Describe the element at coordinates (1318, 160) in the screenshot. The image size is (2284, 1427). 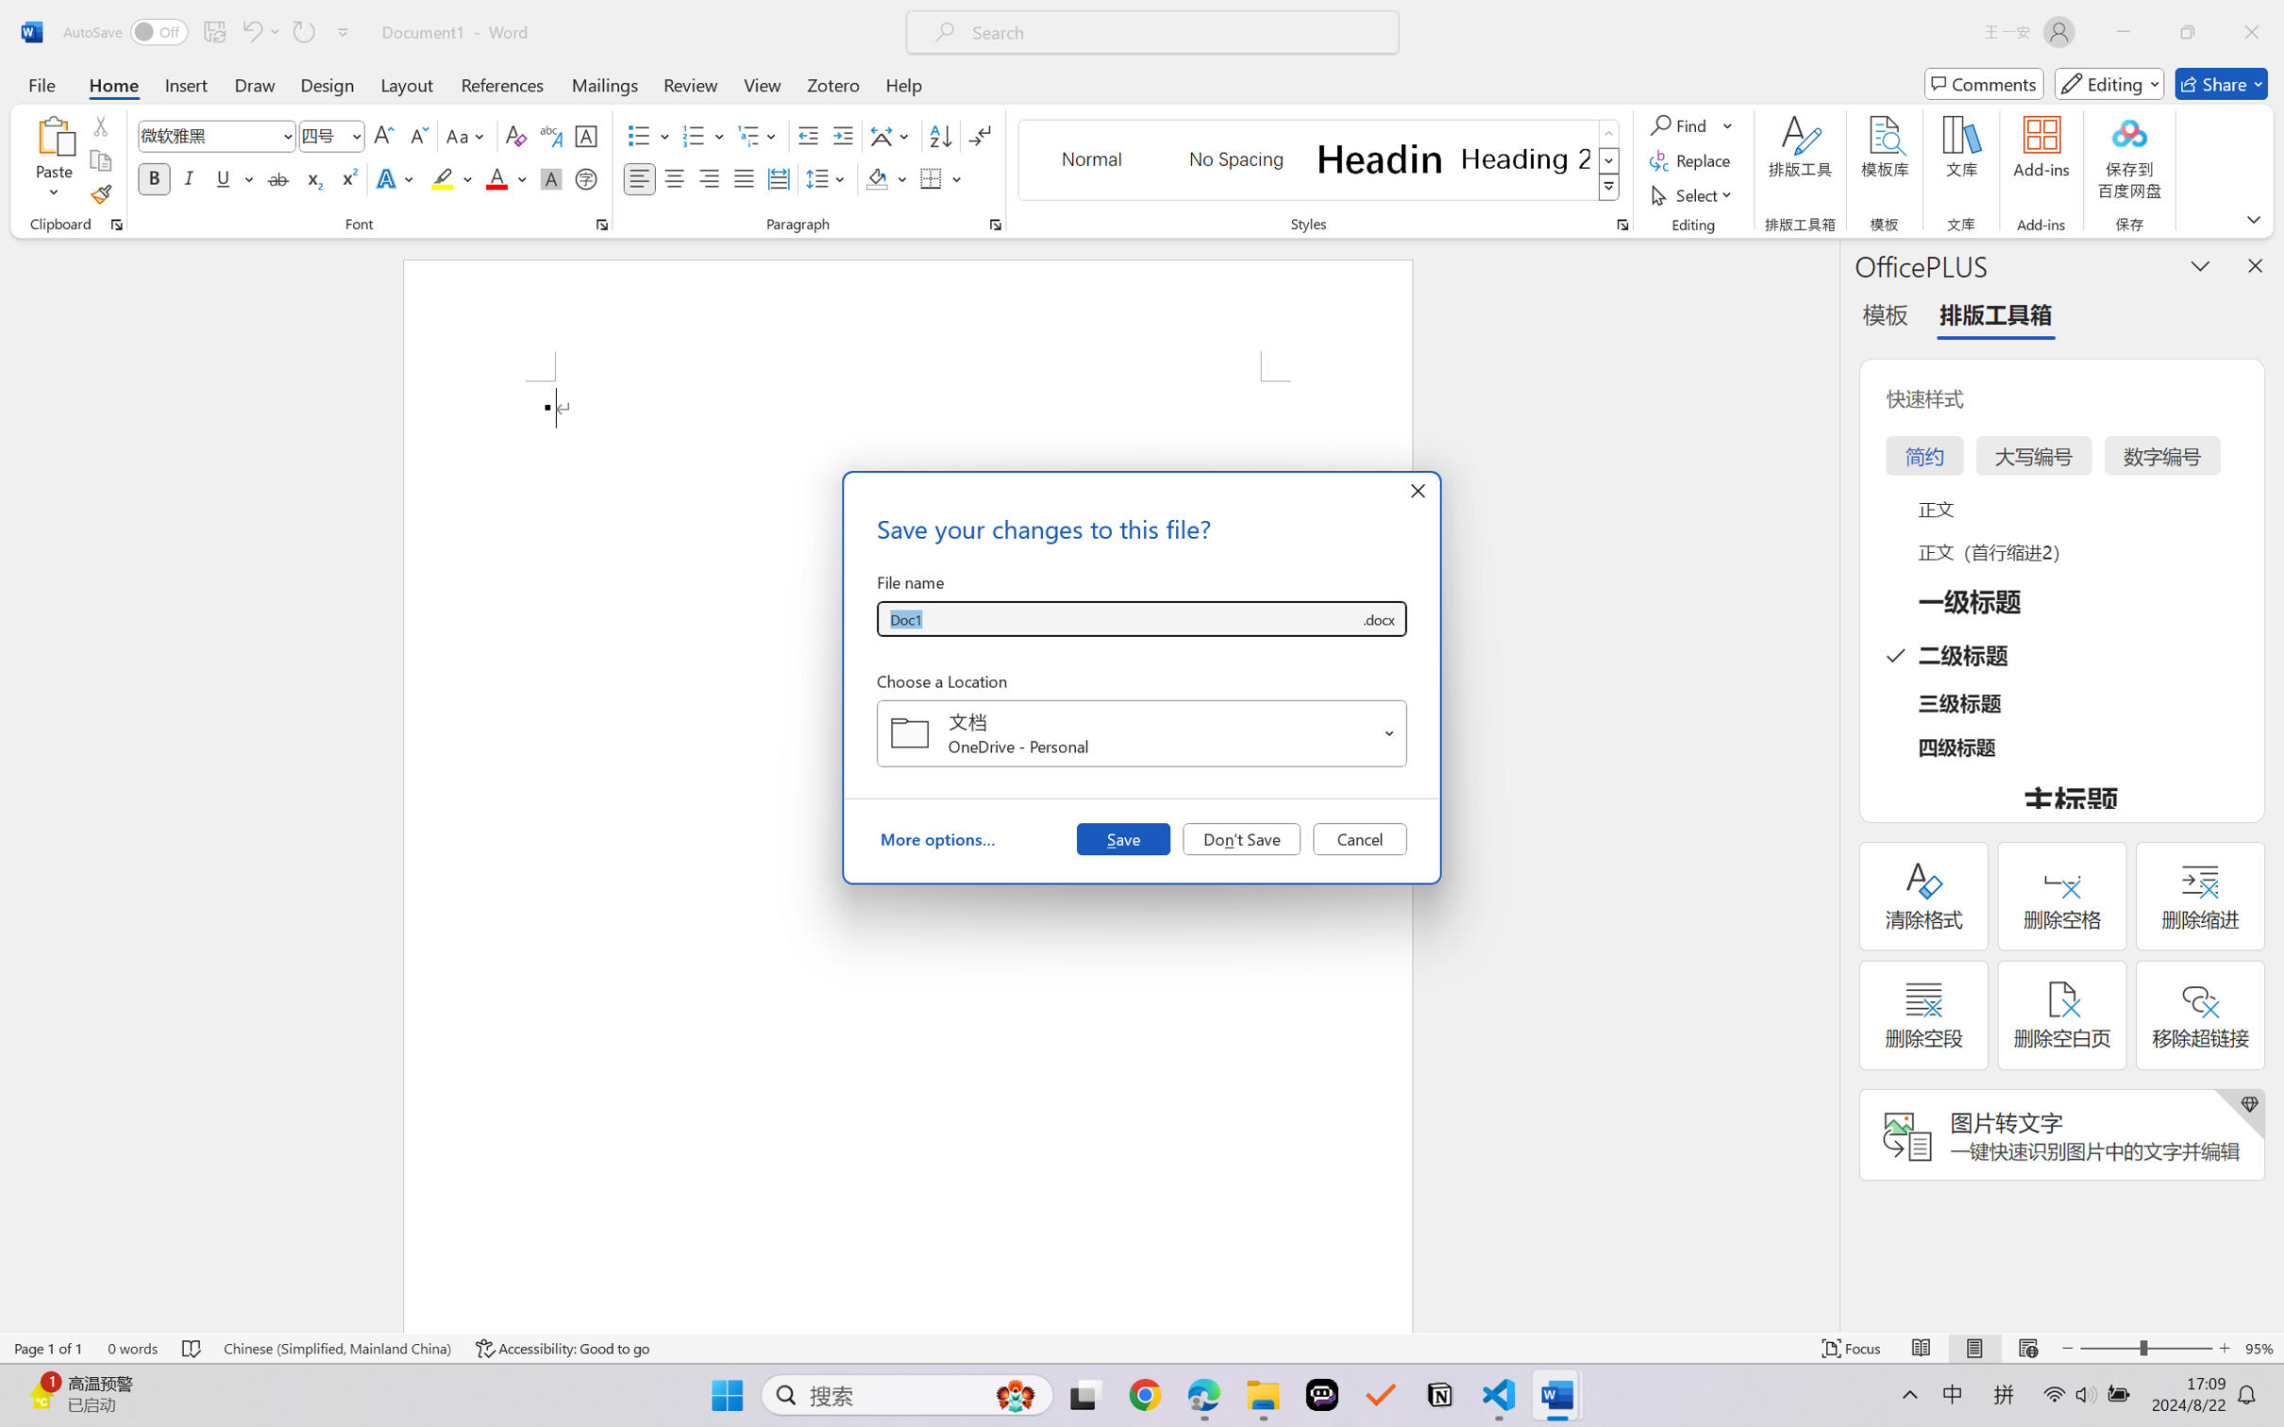
I see `'AutomationID: QuickStylesGallery'` at that location.